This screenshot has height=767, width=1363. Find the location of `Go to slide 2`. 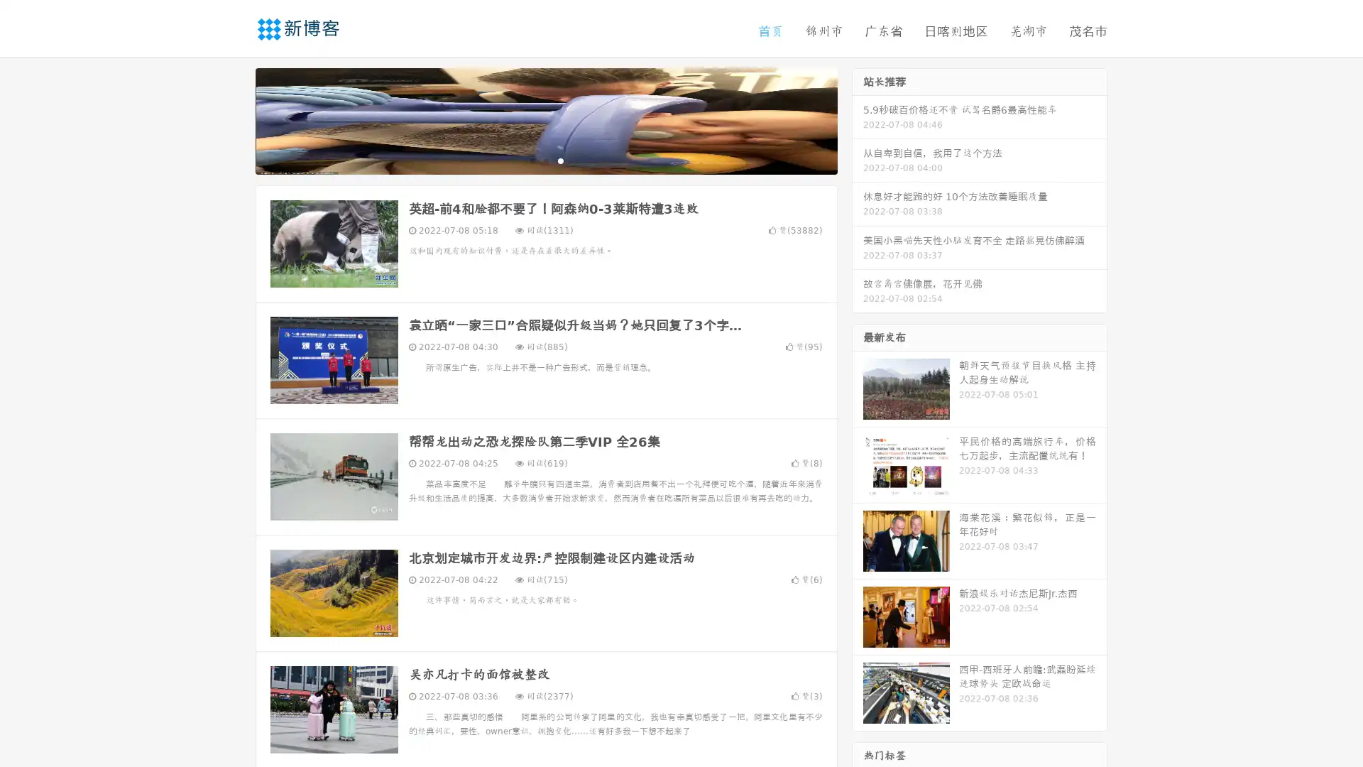

Go to slide 2 is located at coordinates (545, 160).